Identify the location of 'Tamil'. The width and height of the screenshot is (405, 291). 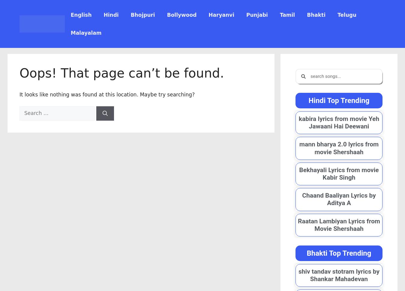
(279, 15).